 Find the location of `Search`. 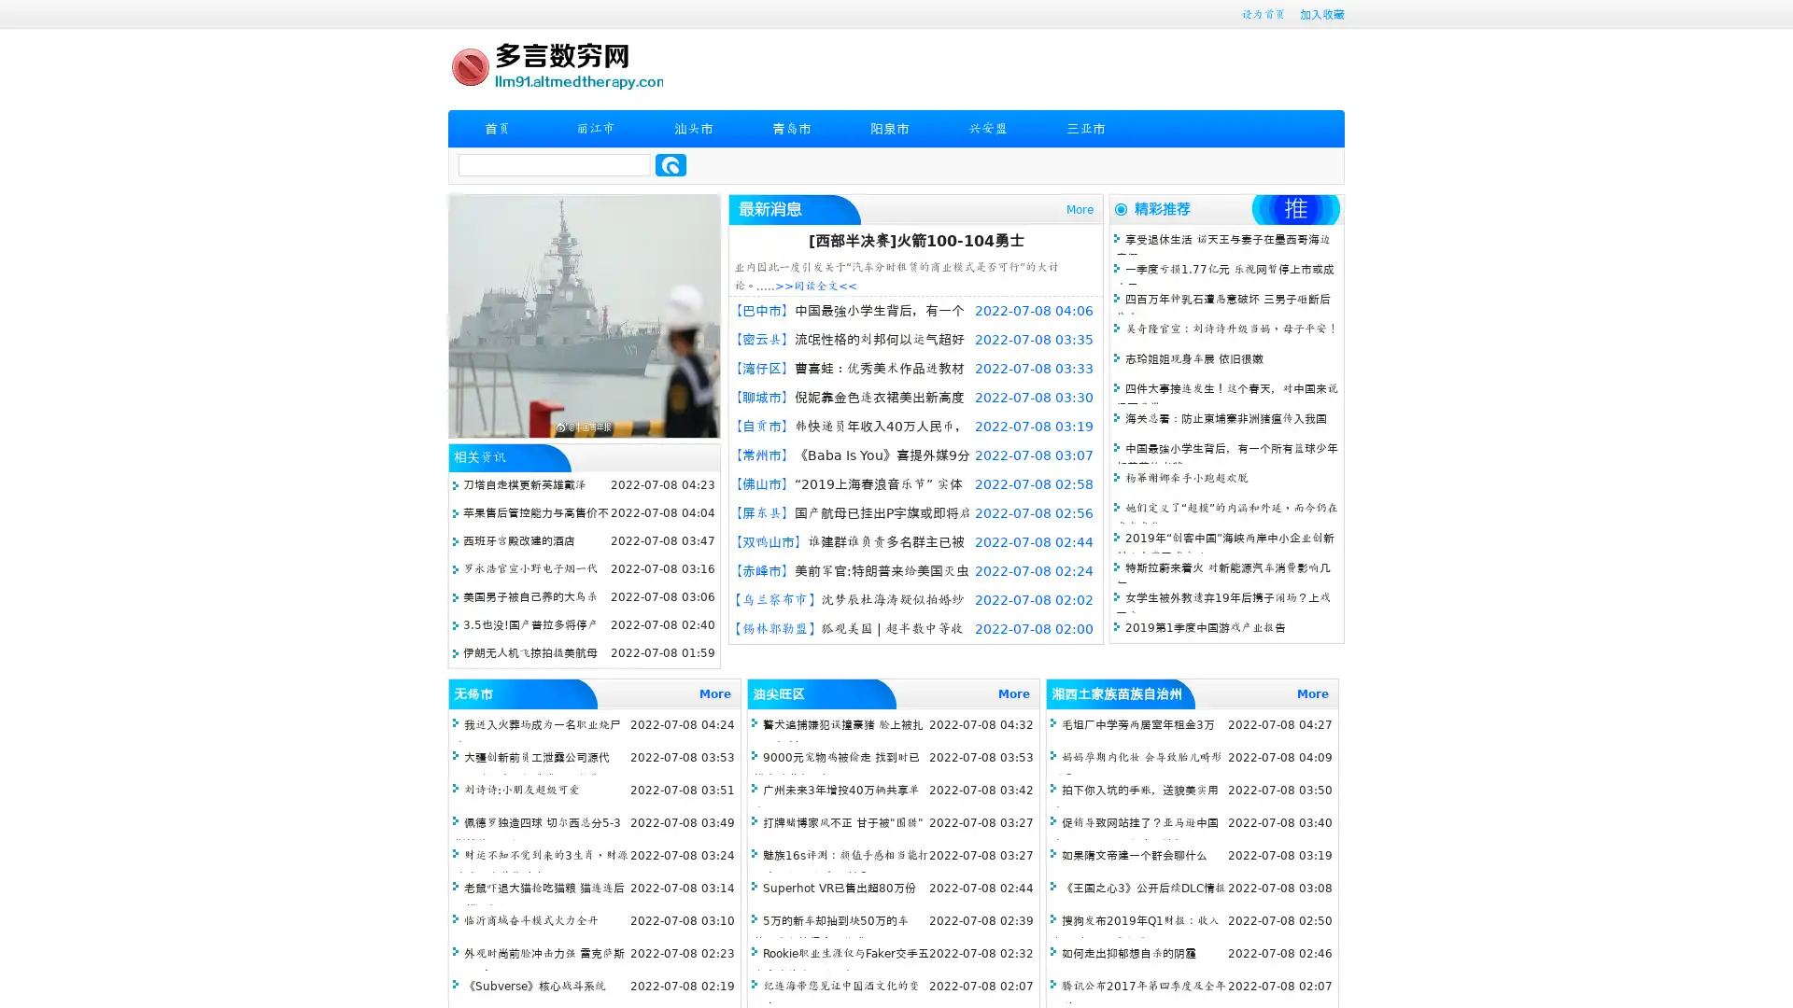

Search is located at coordinates (671, 164).